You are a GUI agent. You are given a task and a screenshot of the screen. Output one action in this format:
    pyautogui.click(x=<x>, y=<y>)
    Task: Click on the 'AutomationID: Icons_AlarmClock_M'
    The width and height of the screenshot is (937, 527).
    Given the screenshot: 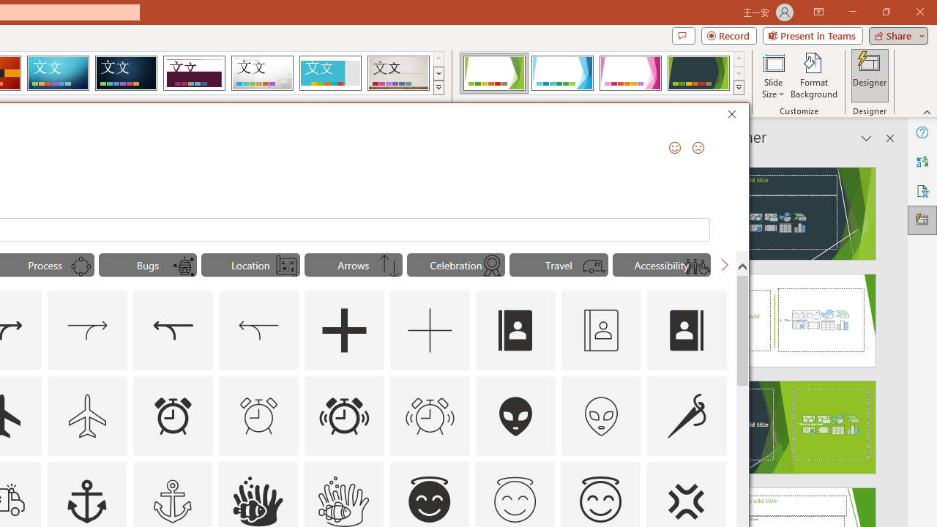 What is the action you would take?
    pyautogui.click(x=258, y=416)
    